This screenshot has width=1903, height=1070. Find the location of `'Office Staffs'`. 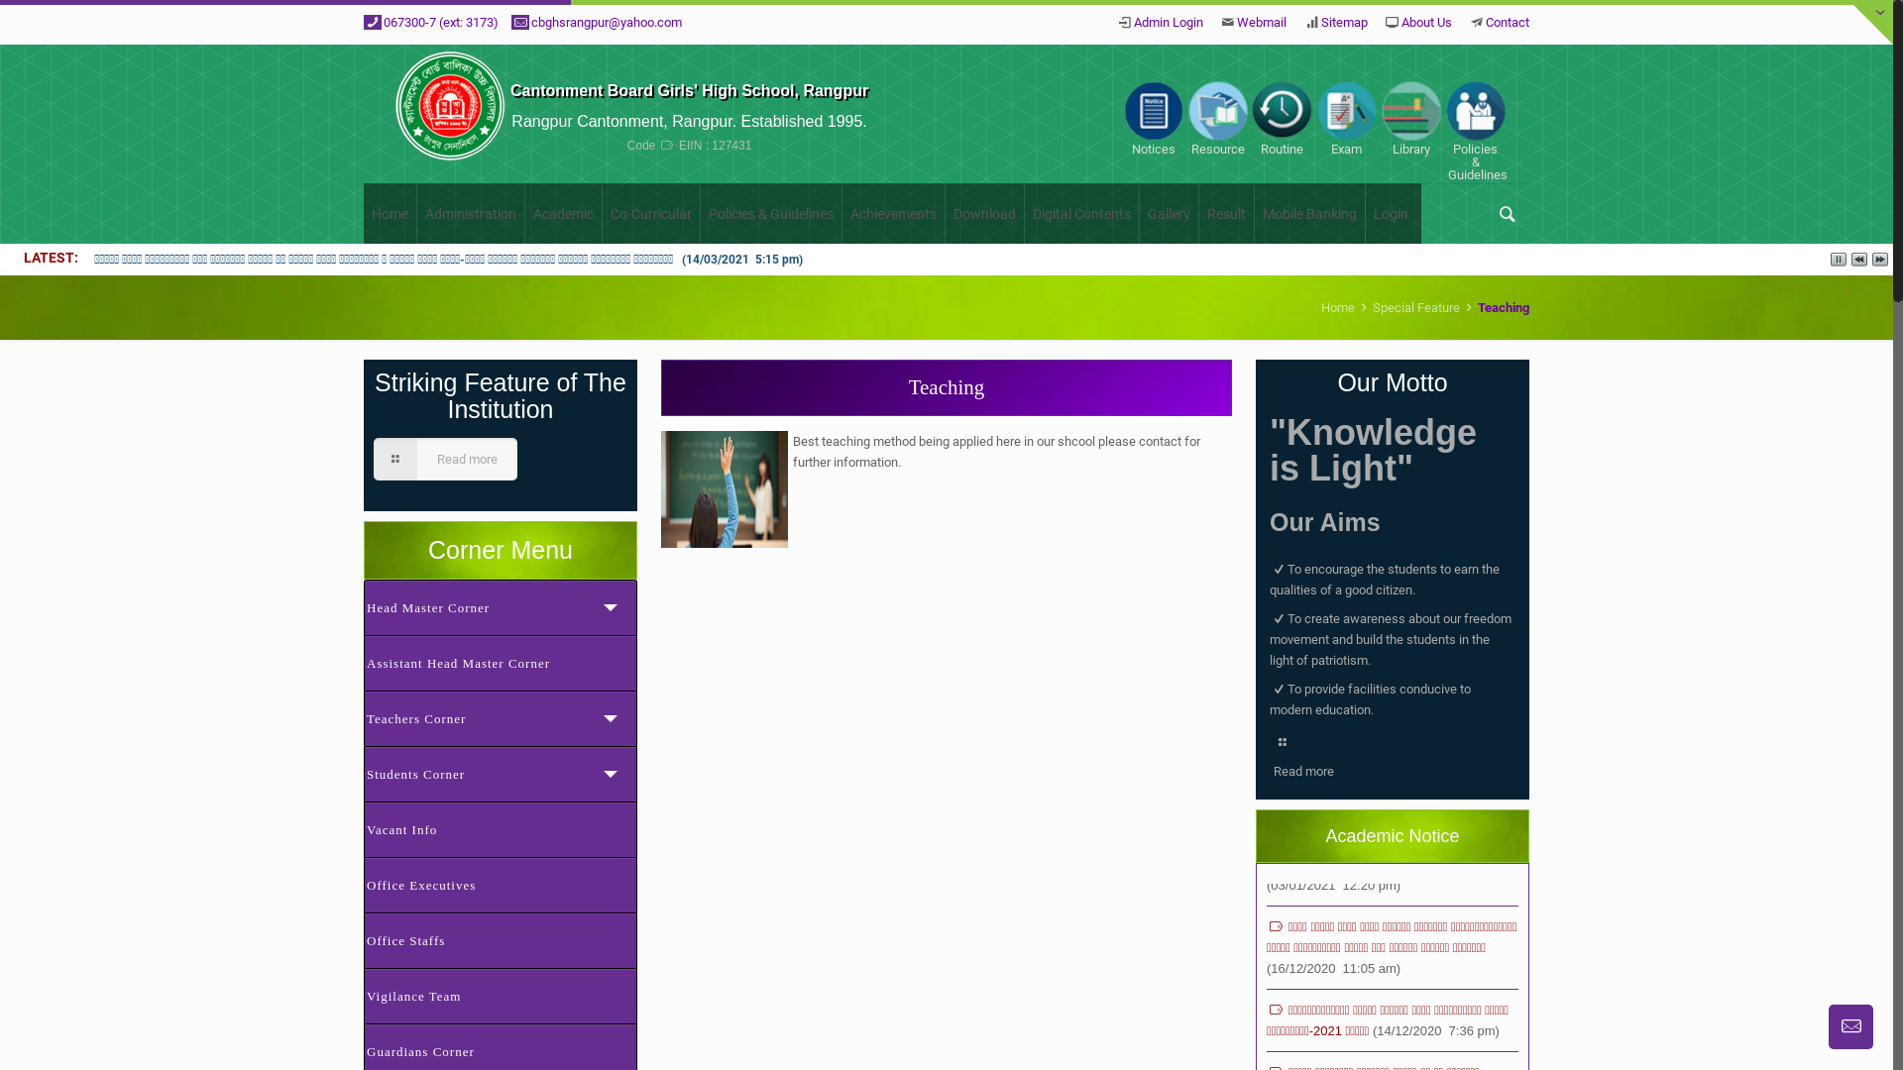

'Office Staffs' is located at coordinates (500, 938).